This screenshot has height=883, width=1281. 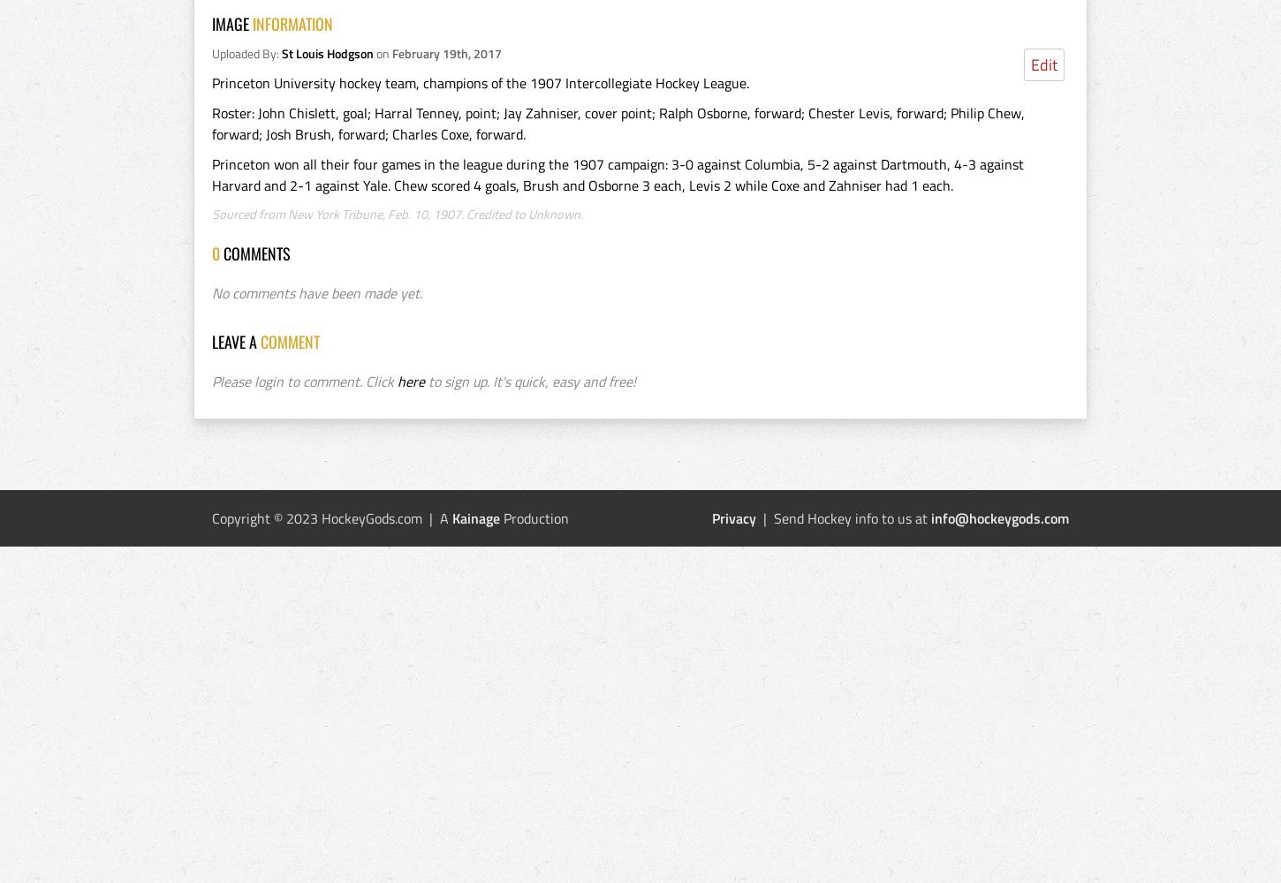 What do you see at coordinates (842, 517) in the screenshot?
I see `'| 
Send Hockey info to us at'` at bounding box center [842, 517].